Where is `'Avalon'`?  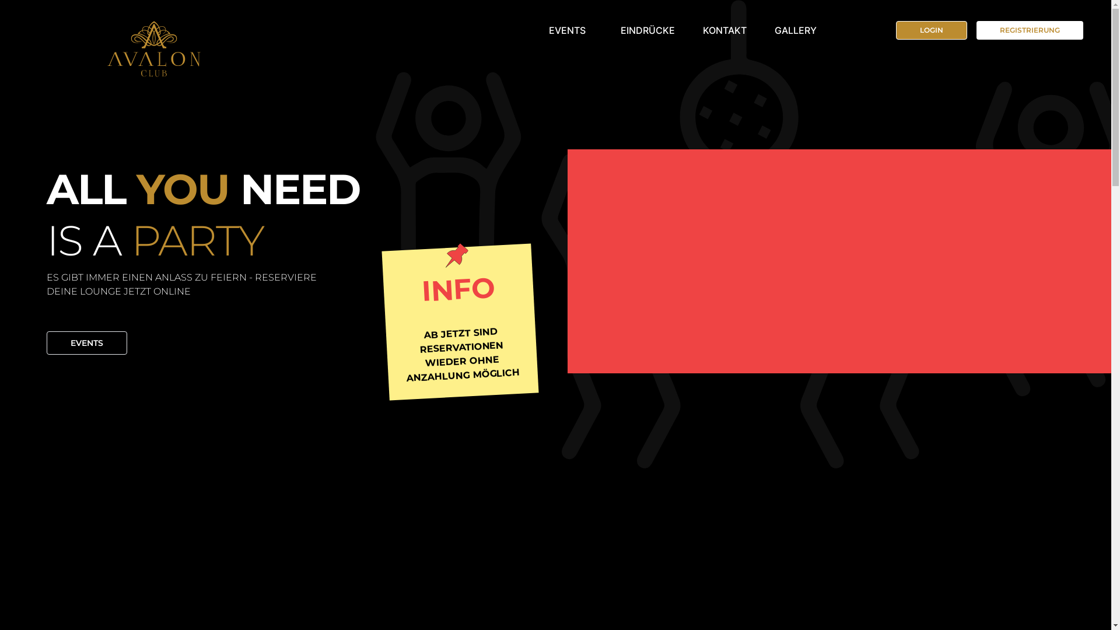
'Avalon' is located at coordinates (112, 46).